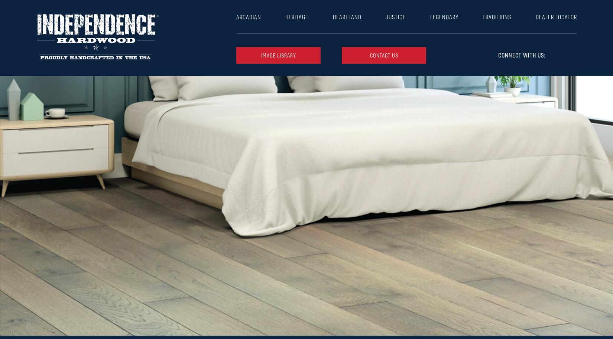  Describe the element at coordinates (347, 17) in the screenshot. I see `'Heartland'` at that location.